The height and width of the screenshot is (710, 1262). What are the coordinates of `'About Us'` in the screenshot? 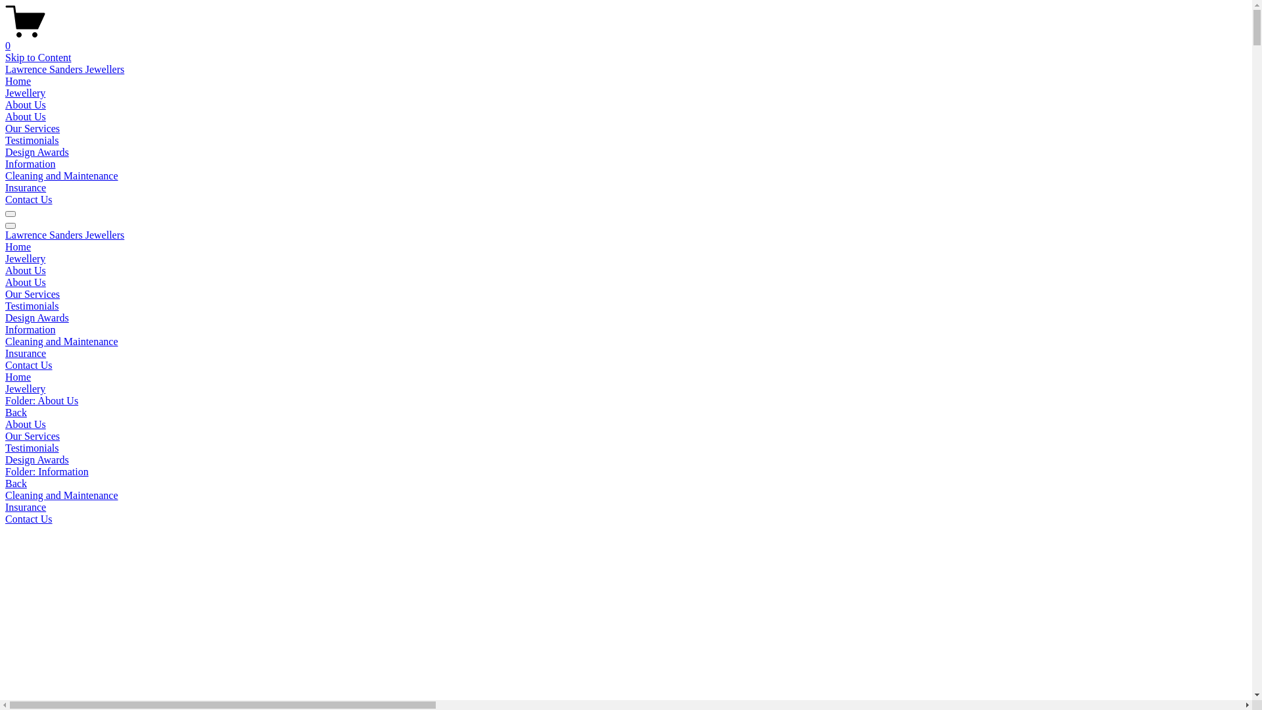 It's located at (5, 270).